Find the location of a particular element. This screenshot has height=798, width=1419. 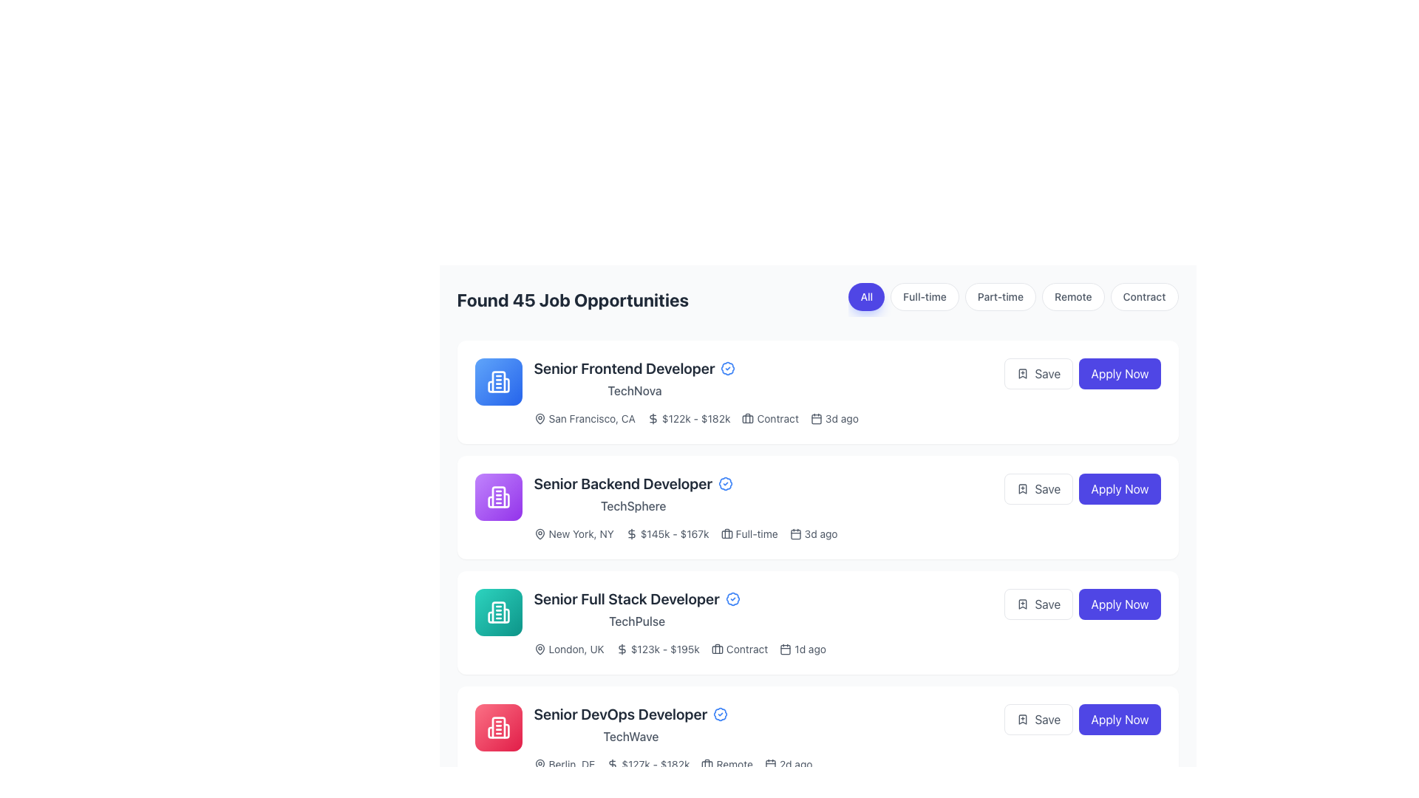

the 'Save' button on the job opportunity card located at the last position of the vertical list of job cards is located at coordinates (847, 738).